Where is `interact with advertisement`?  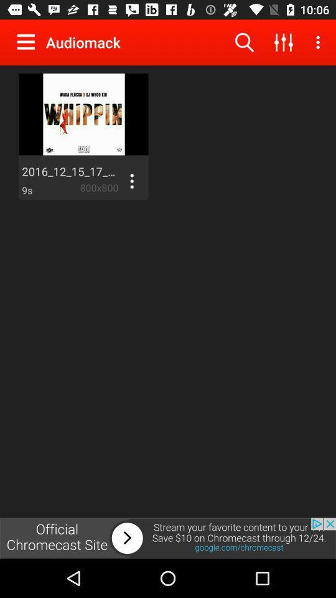 interact with advertisement is located at coordinates (168, 538).